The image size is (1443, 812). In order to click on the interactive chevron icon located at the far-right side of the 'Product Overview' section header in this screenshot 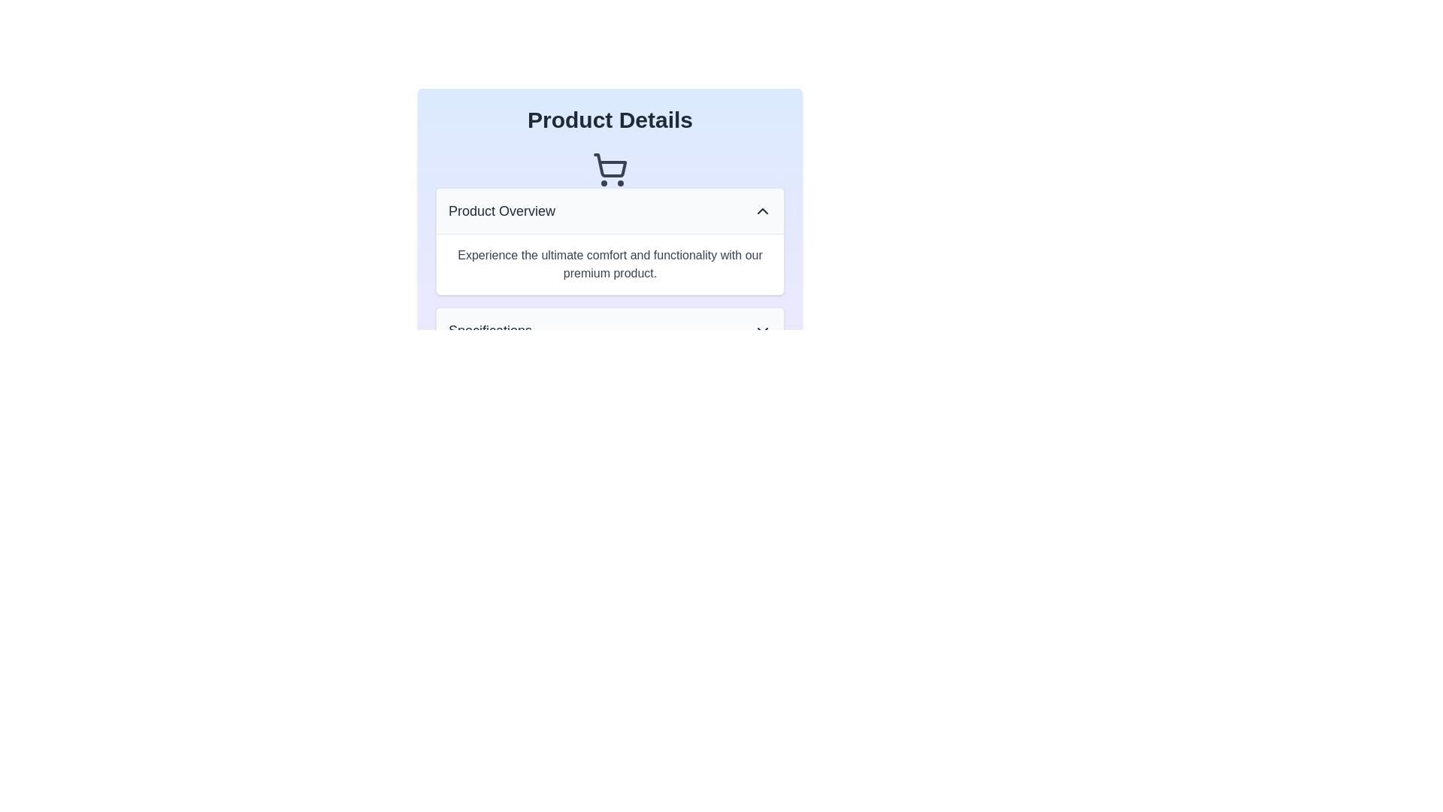, I will do `click(762, 211)`.